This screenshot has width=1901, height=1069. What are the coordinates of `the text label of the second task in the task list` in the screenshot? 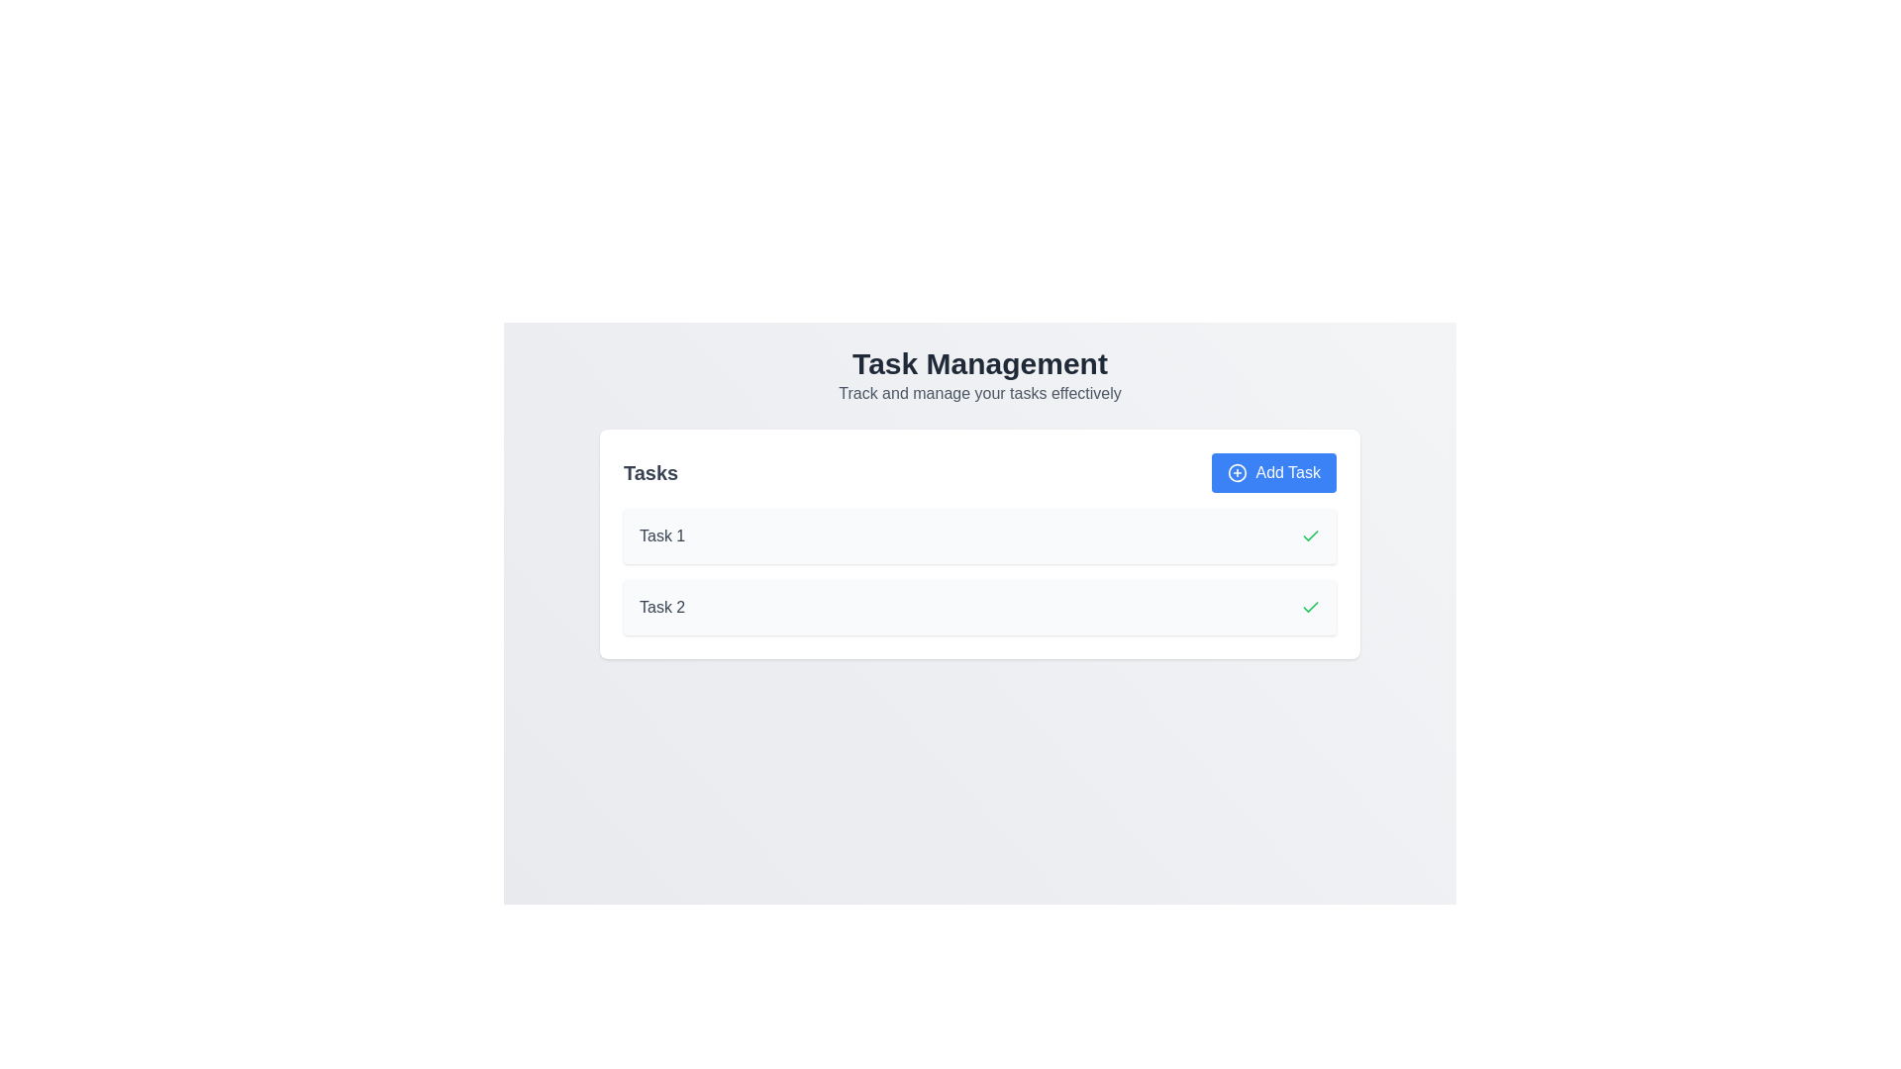 It's located at (662, 606).